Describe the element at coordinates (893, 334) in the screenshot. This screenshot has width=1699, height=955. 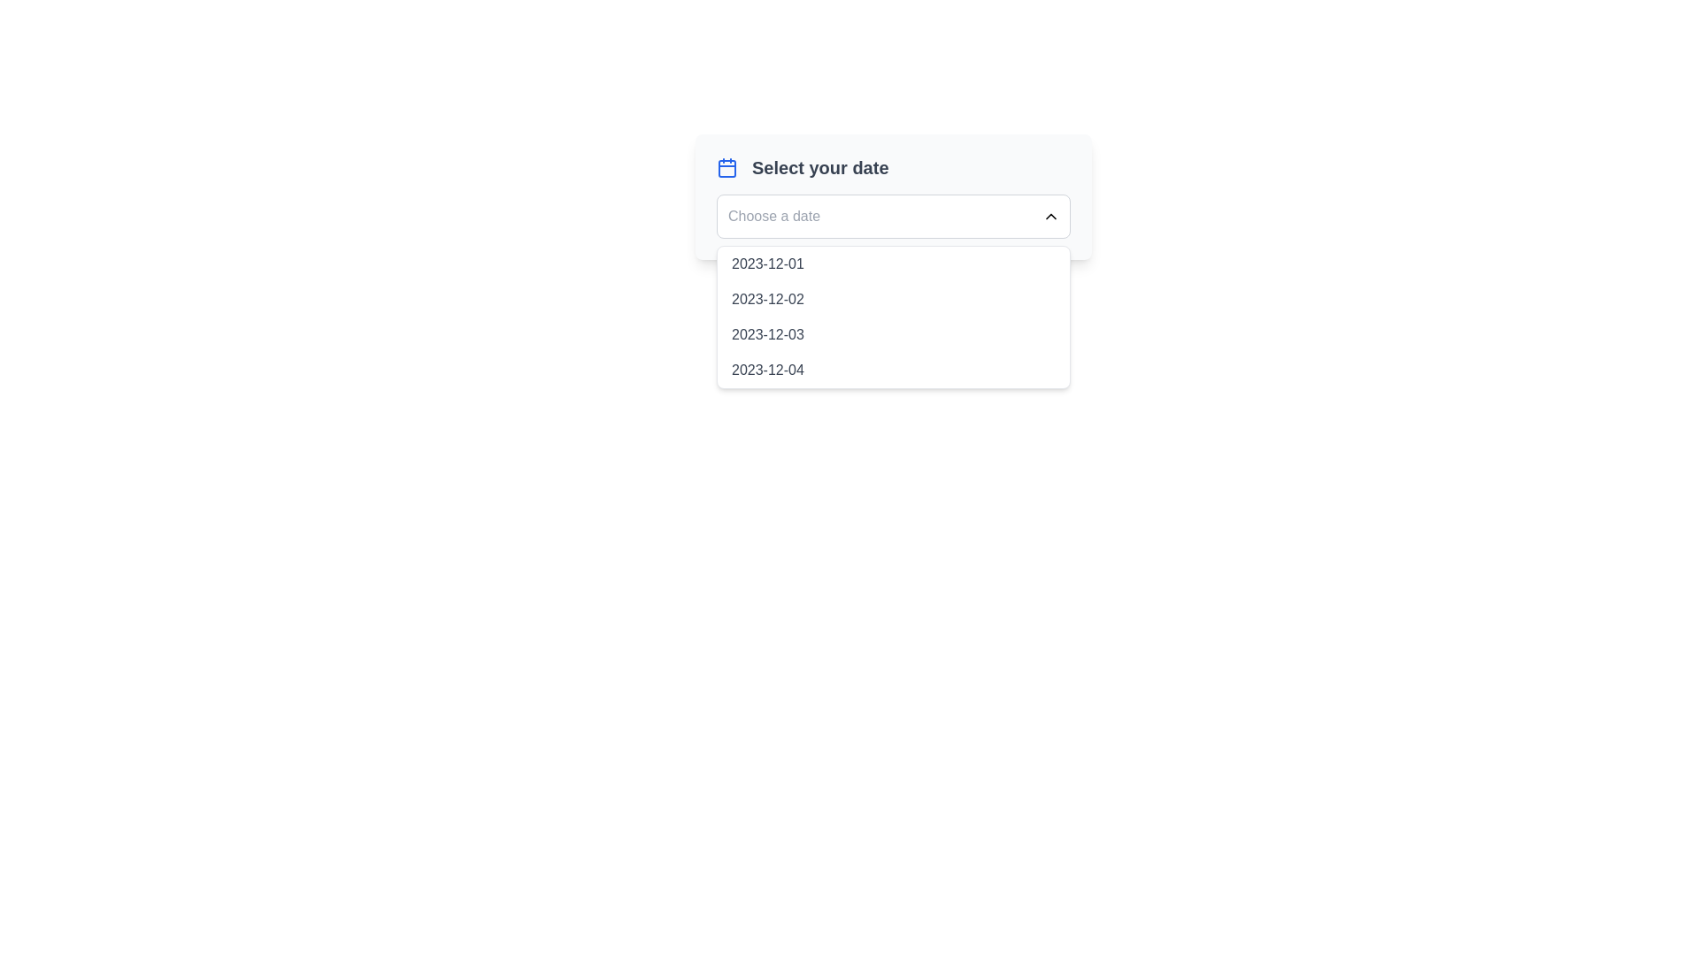
I see `the third list item in the dropdown menu that displays a date in gray font` at that location.